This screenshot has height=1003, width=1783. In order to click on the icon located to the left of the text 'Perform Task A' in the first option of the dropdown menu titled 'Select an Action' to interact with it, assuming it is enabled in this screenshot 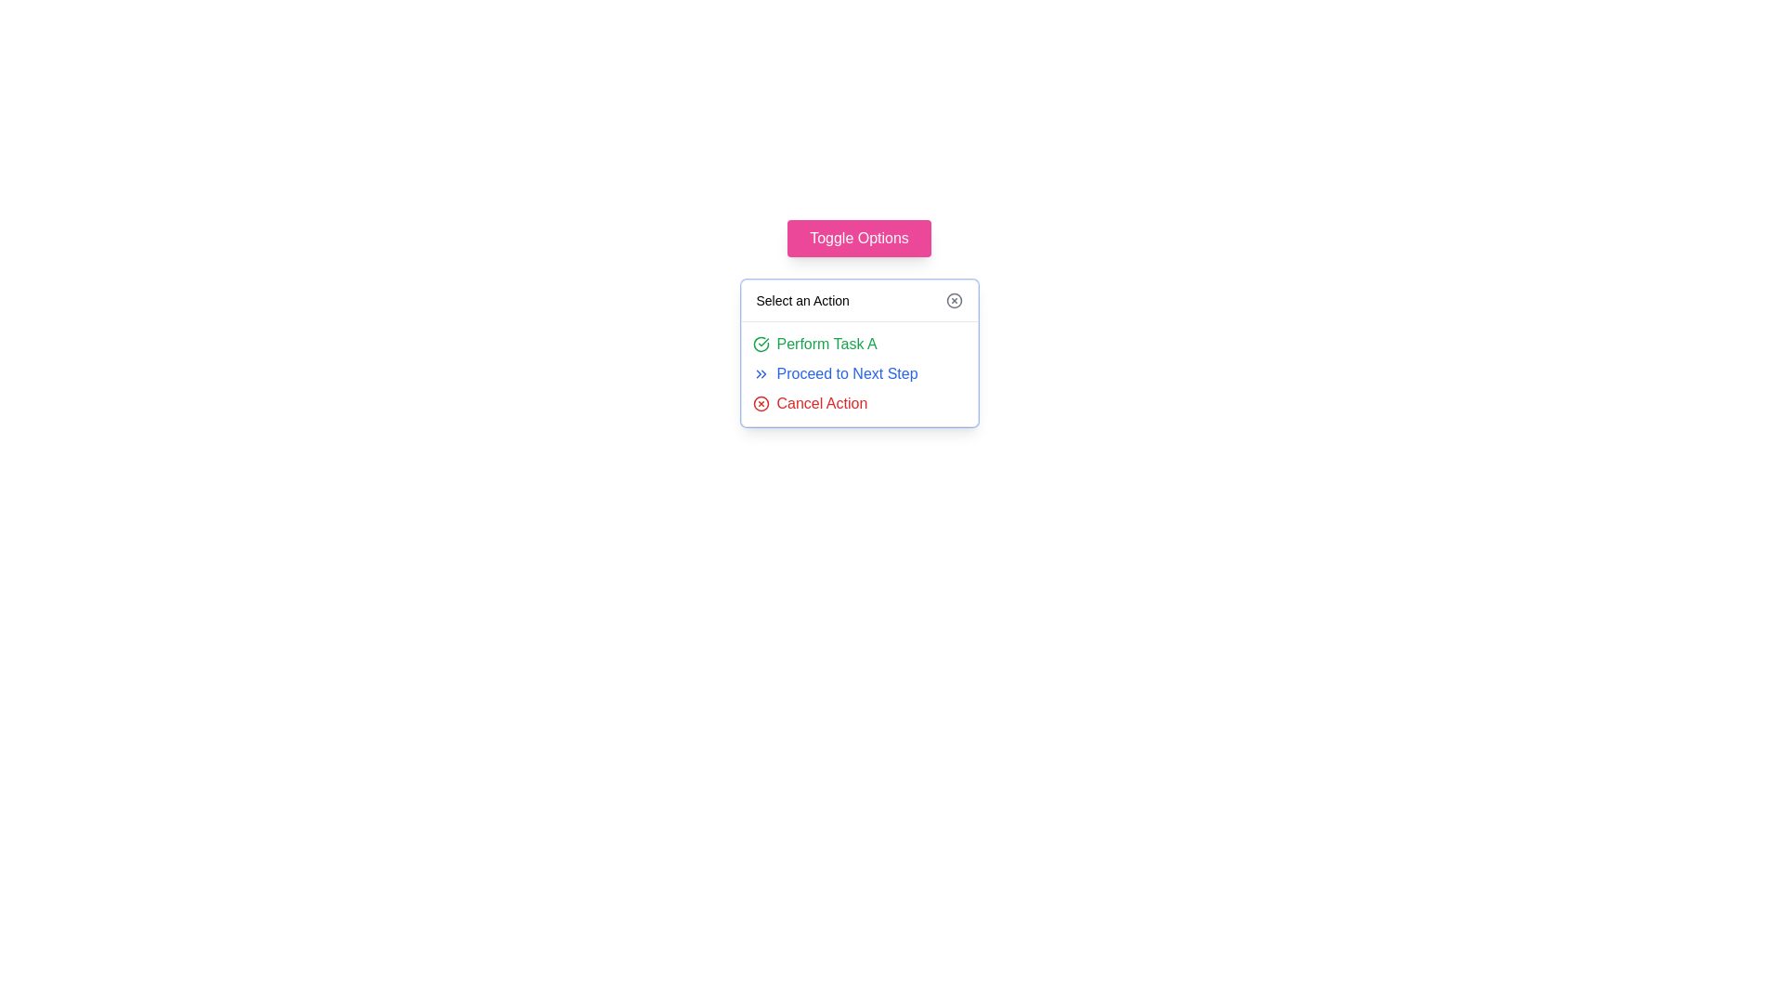, I will do `click(761, 344)`.